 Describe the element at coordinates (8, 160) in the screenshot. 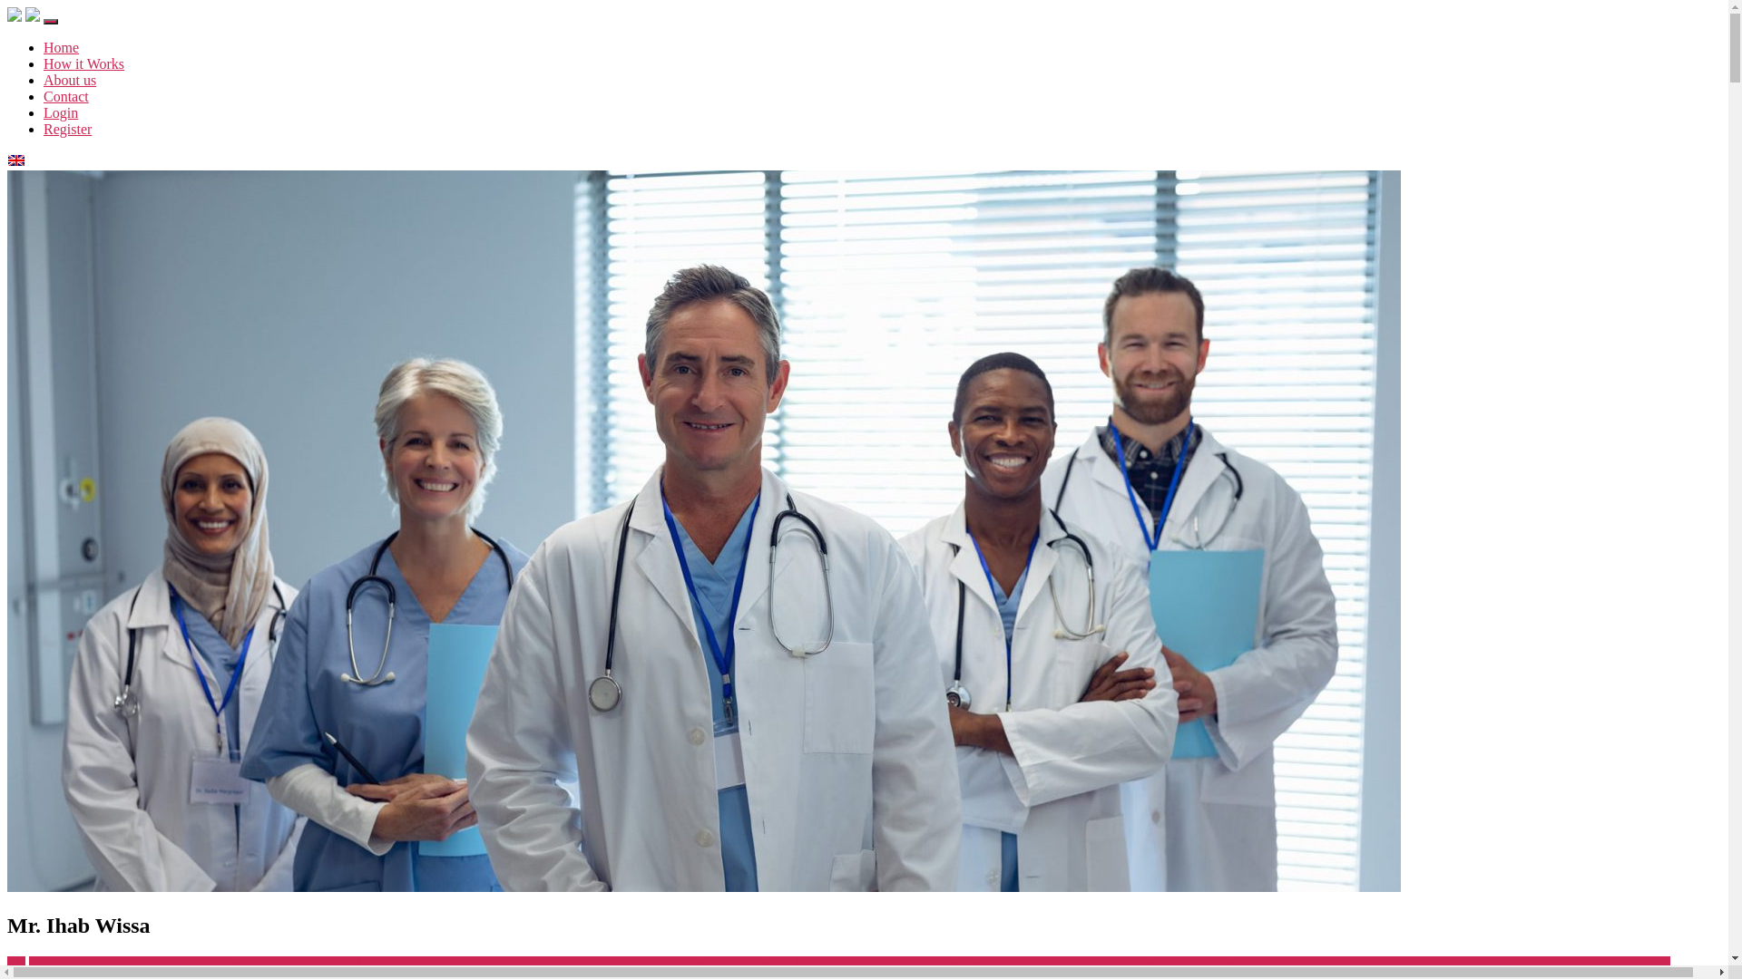

I see `'English'` at that location.